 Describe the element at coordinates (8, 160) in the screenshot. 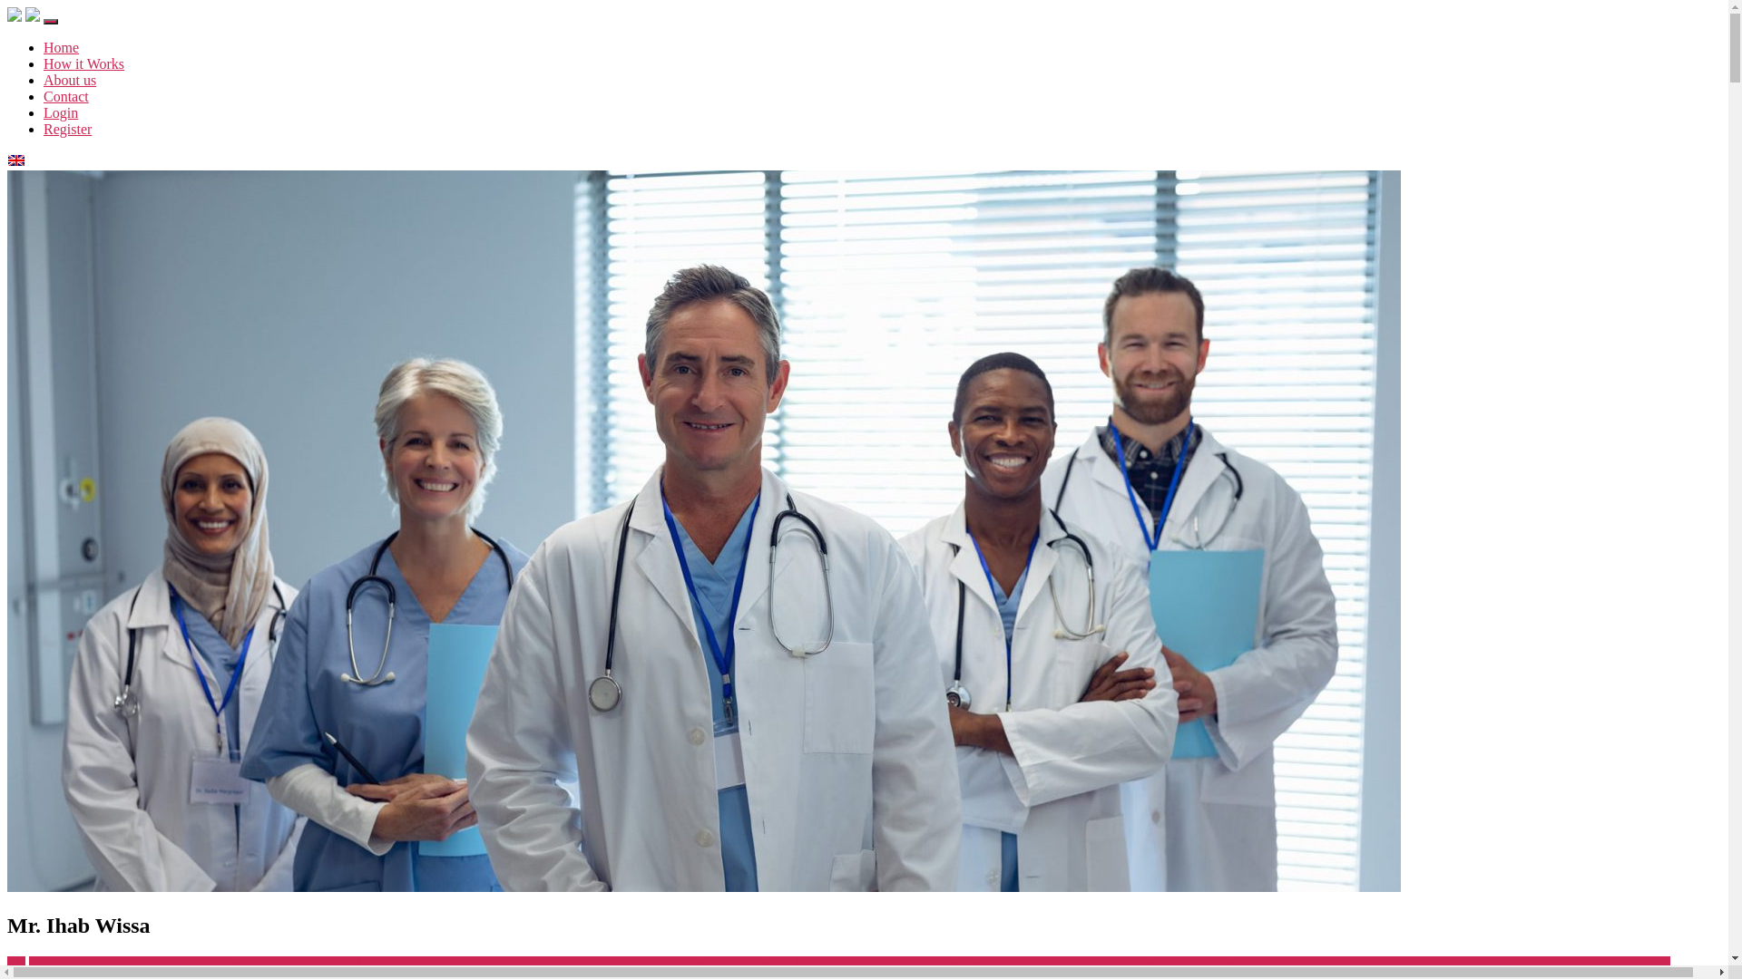

I see `'English'` at that location.